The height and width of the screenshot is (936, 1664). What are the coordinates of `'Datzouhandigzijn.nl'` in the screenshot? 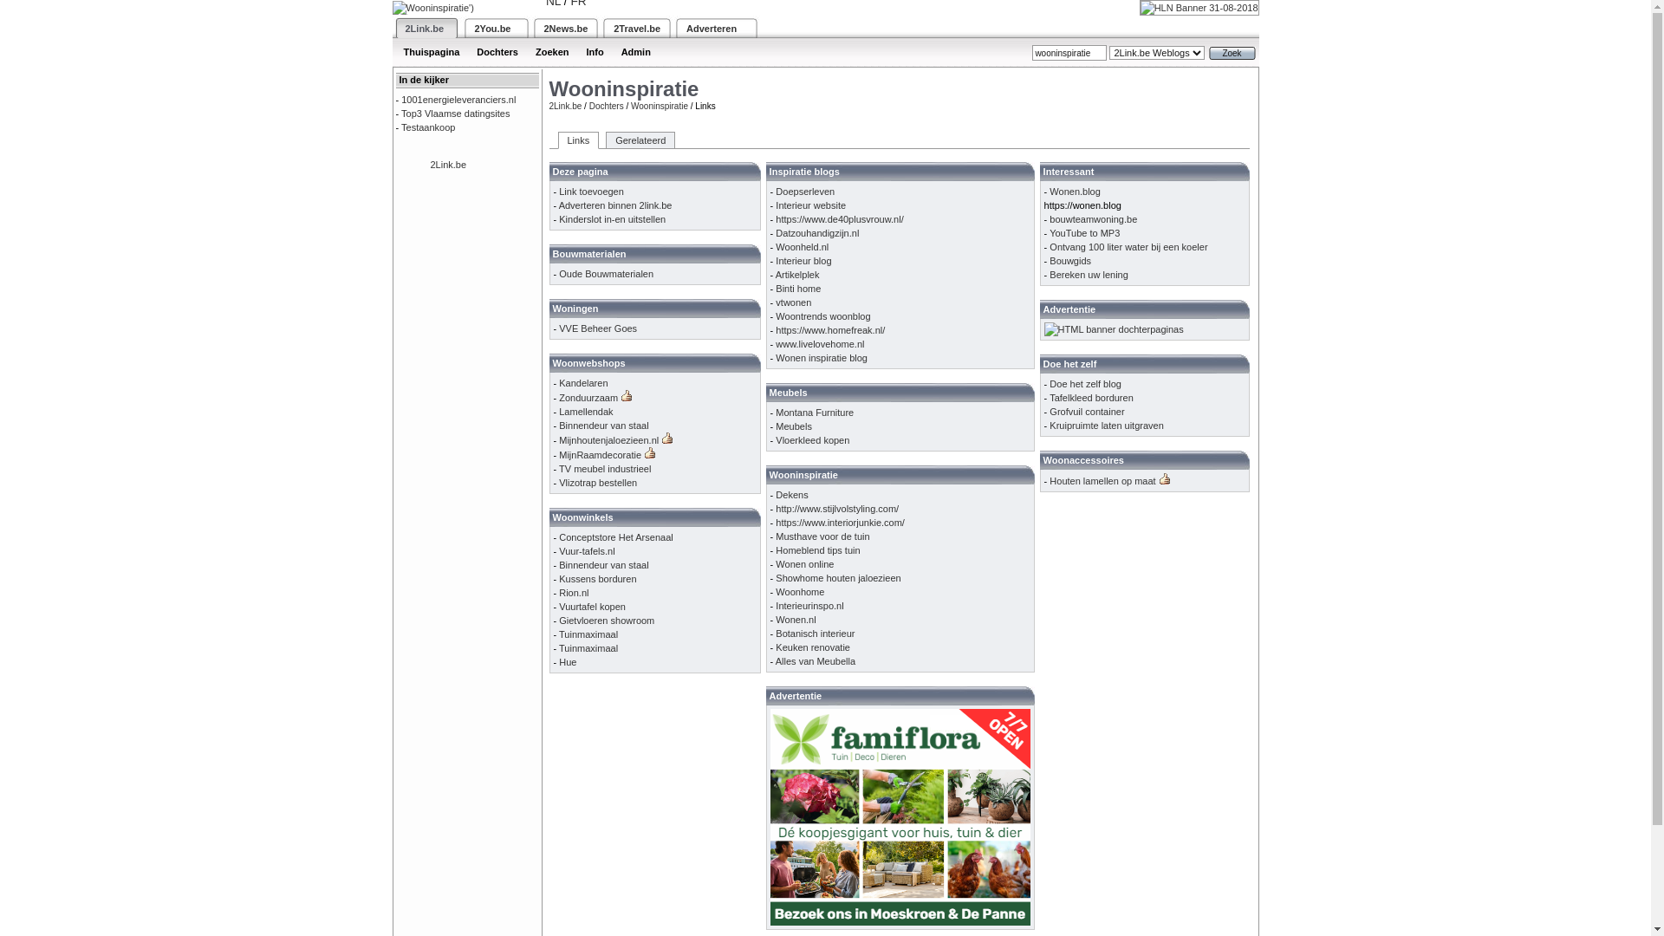 It's located at (774, 232).